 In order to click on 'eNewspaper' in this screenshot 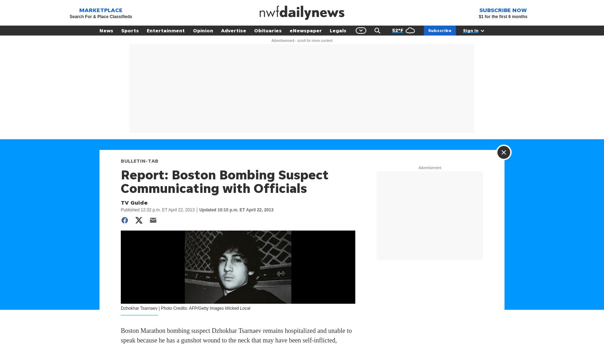, I will do `click(306, 30)`.